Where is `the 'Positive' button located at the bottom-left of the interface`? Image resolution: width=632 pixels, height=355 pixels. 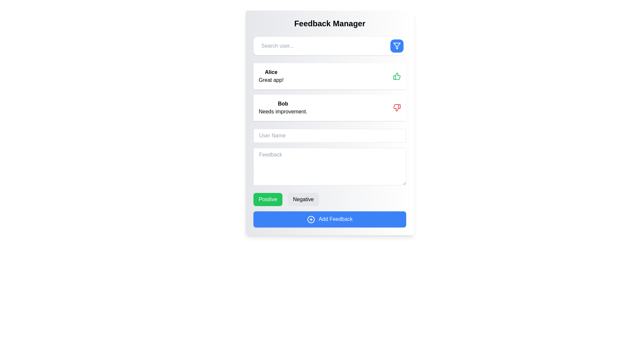
the 'Positive' button located at the bottom-left of the interface is located at coordinates (268, 199).